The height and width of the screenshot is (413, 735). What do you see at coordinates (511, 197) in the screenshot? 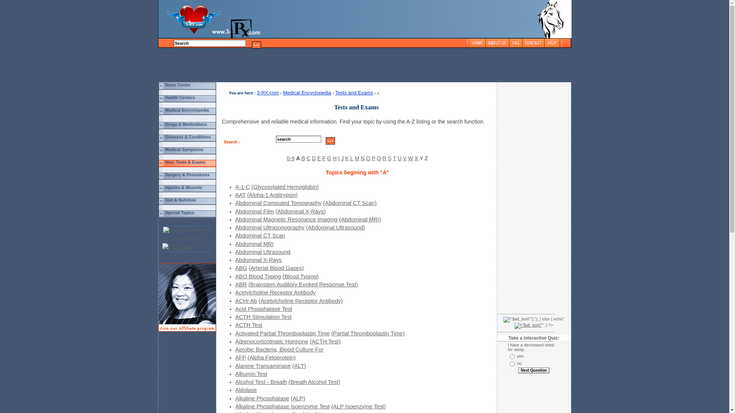
I see `'Advertisement'` at bounding box center [511, 197].